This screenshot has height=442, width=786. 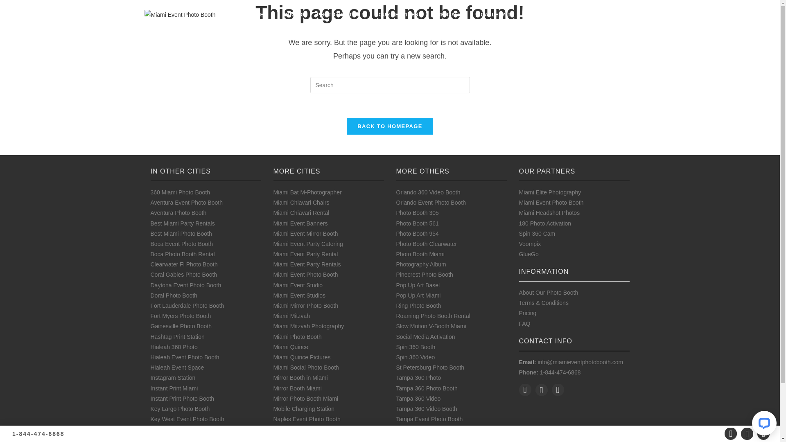 I want to click on 'Boca Event Photo Booth', so click(x=151, y=244).